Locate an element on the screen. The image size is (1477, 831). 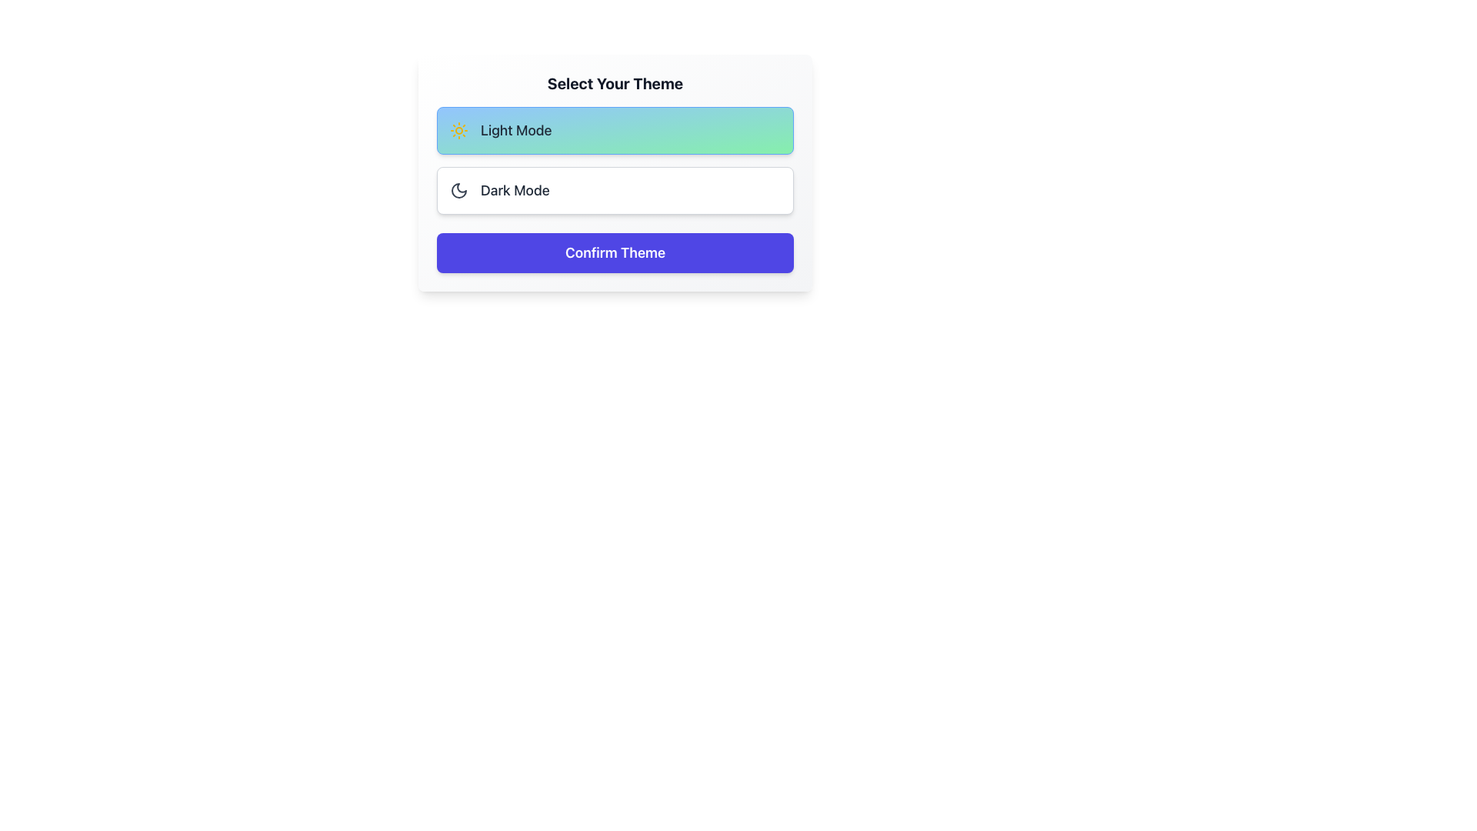
the descriptive title text label that guides users to select a theme option, located above the Light Mode and Dark Mode selection buttons is located at coordinates (615, 83).